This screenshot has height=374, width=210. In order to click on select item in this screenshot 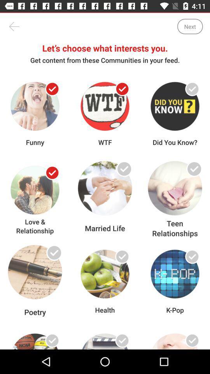, I will do `click(192, 340)`.